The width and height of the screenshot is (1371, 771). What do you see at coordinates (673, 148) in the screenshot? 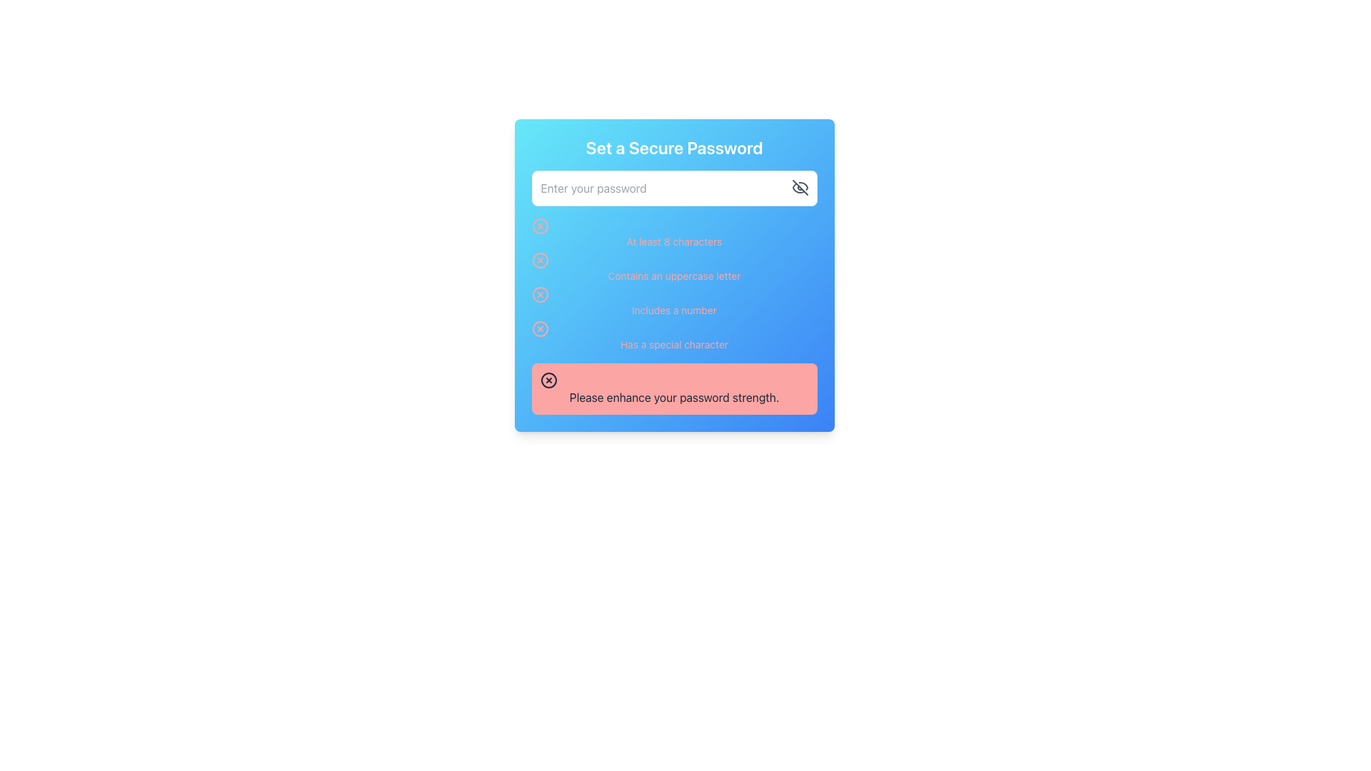
I see `the text label that serves as the header for the password-related functionality, positioned at the top section of a gradient blue panel above the password input box` at bounding box center [673, 148].